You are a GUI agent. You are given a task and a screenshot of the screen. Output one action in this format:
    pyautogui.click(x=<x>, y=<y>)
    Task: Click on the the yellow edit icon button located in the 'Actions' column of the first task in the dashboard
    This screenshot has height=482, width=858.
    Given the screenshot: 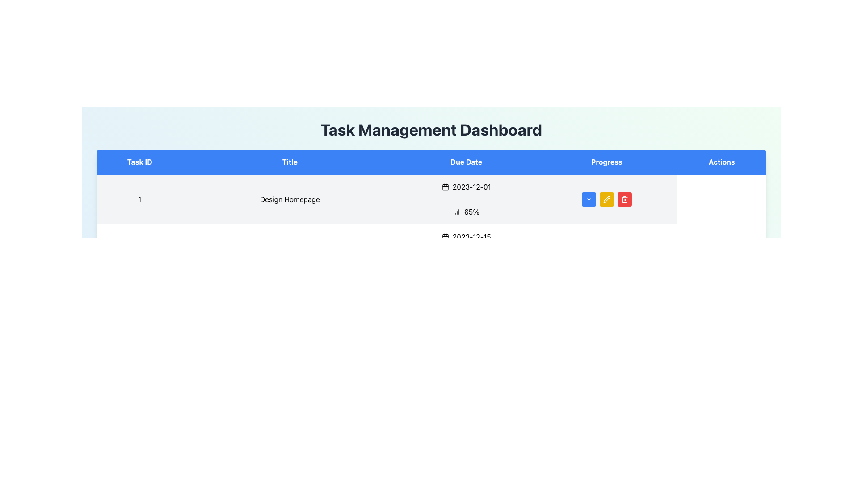 What is the action you would take?
    pyautogui.click(x=606, y=199)
    